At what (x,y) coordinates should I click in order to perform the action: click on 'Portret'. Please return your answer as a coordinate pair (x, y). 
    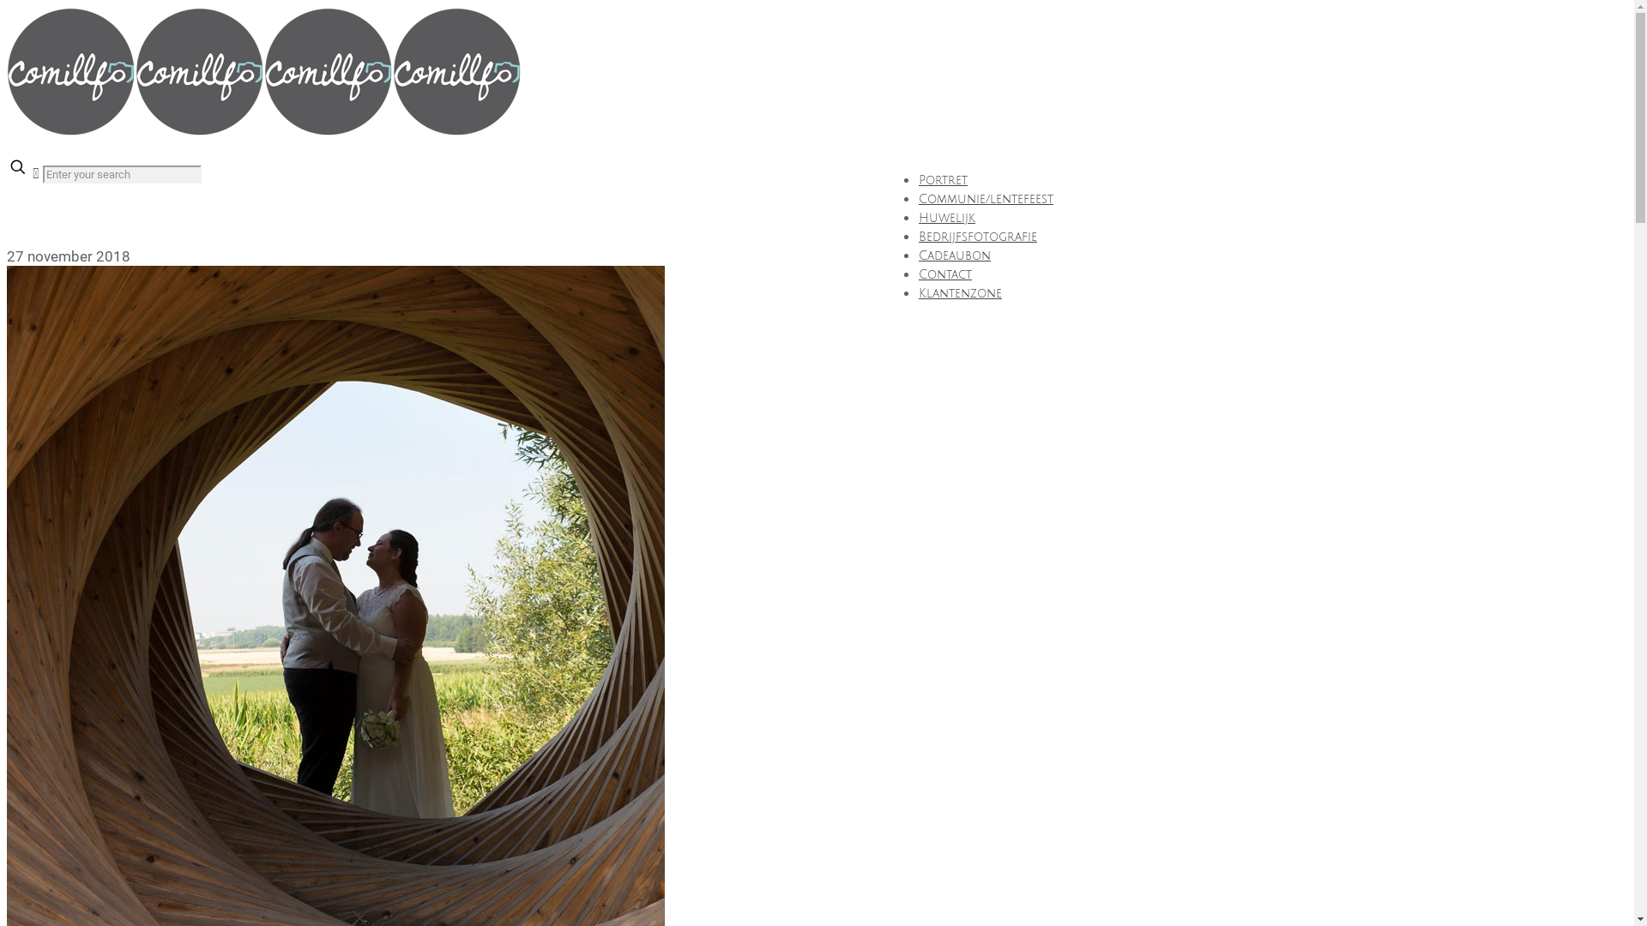
    Looking at the image, I should click on (942, 180).